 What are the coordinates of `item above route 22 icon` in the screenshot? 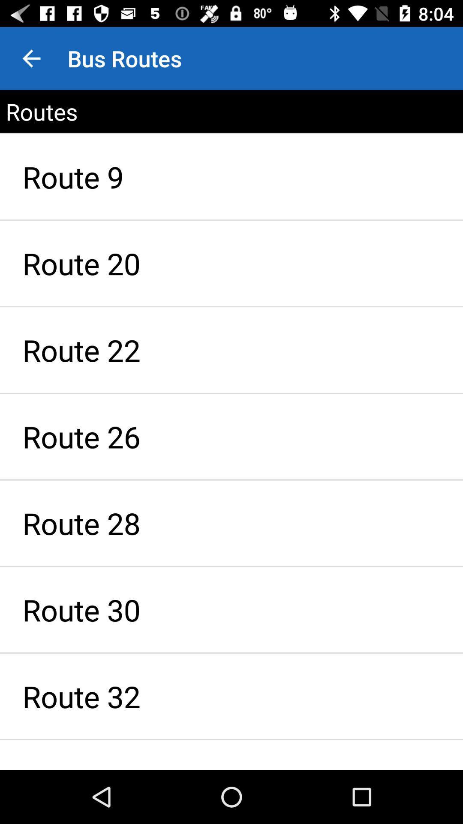 It's located at (231, 263).